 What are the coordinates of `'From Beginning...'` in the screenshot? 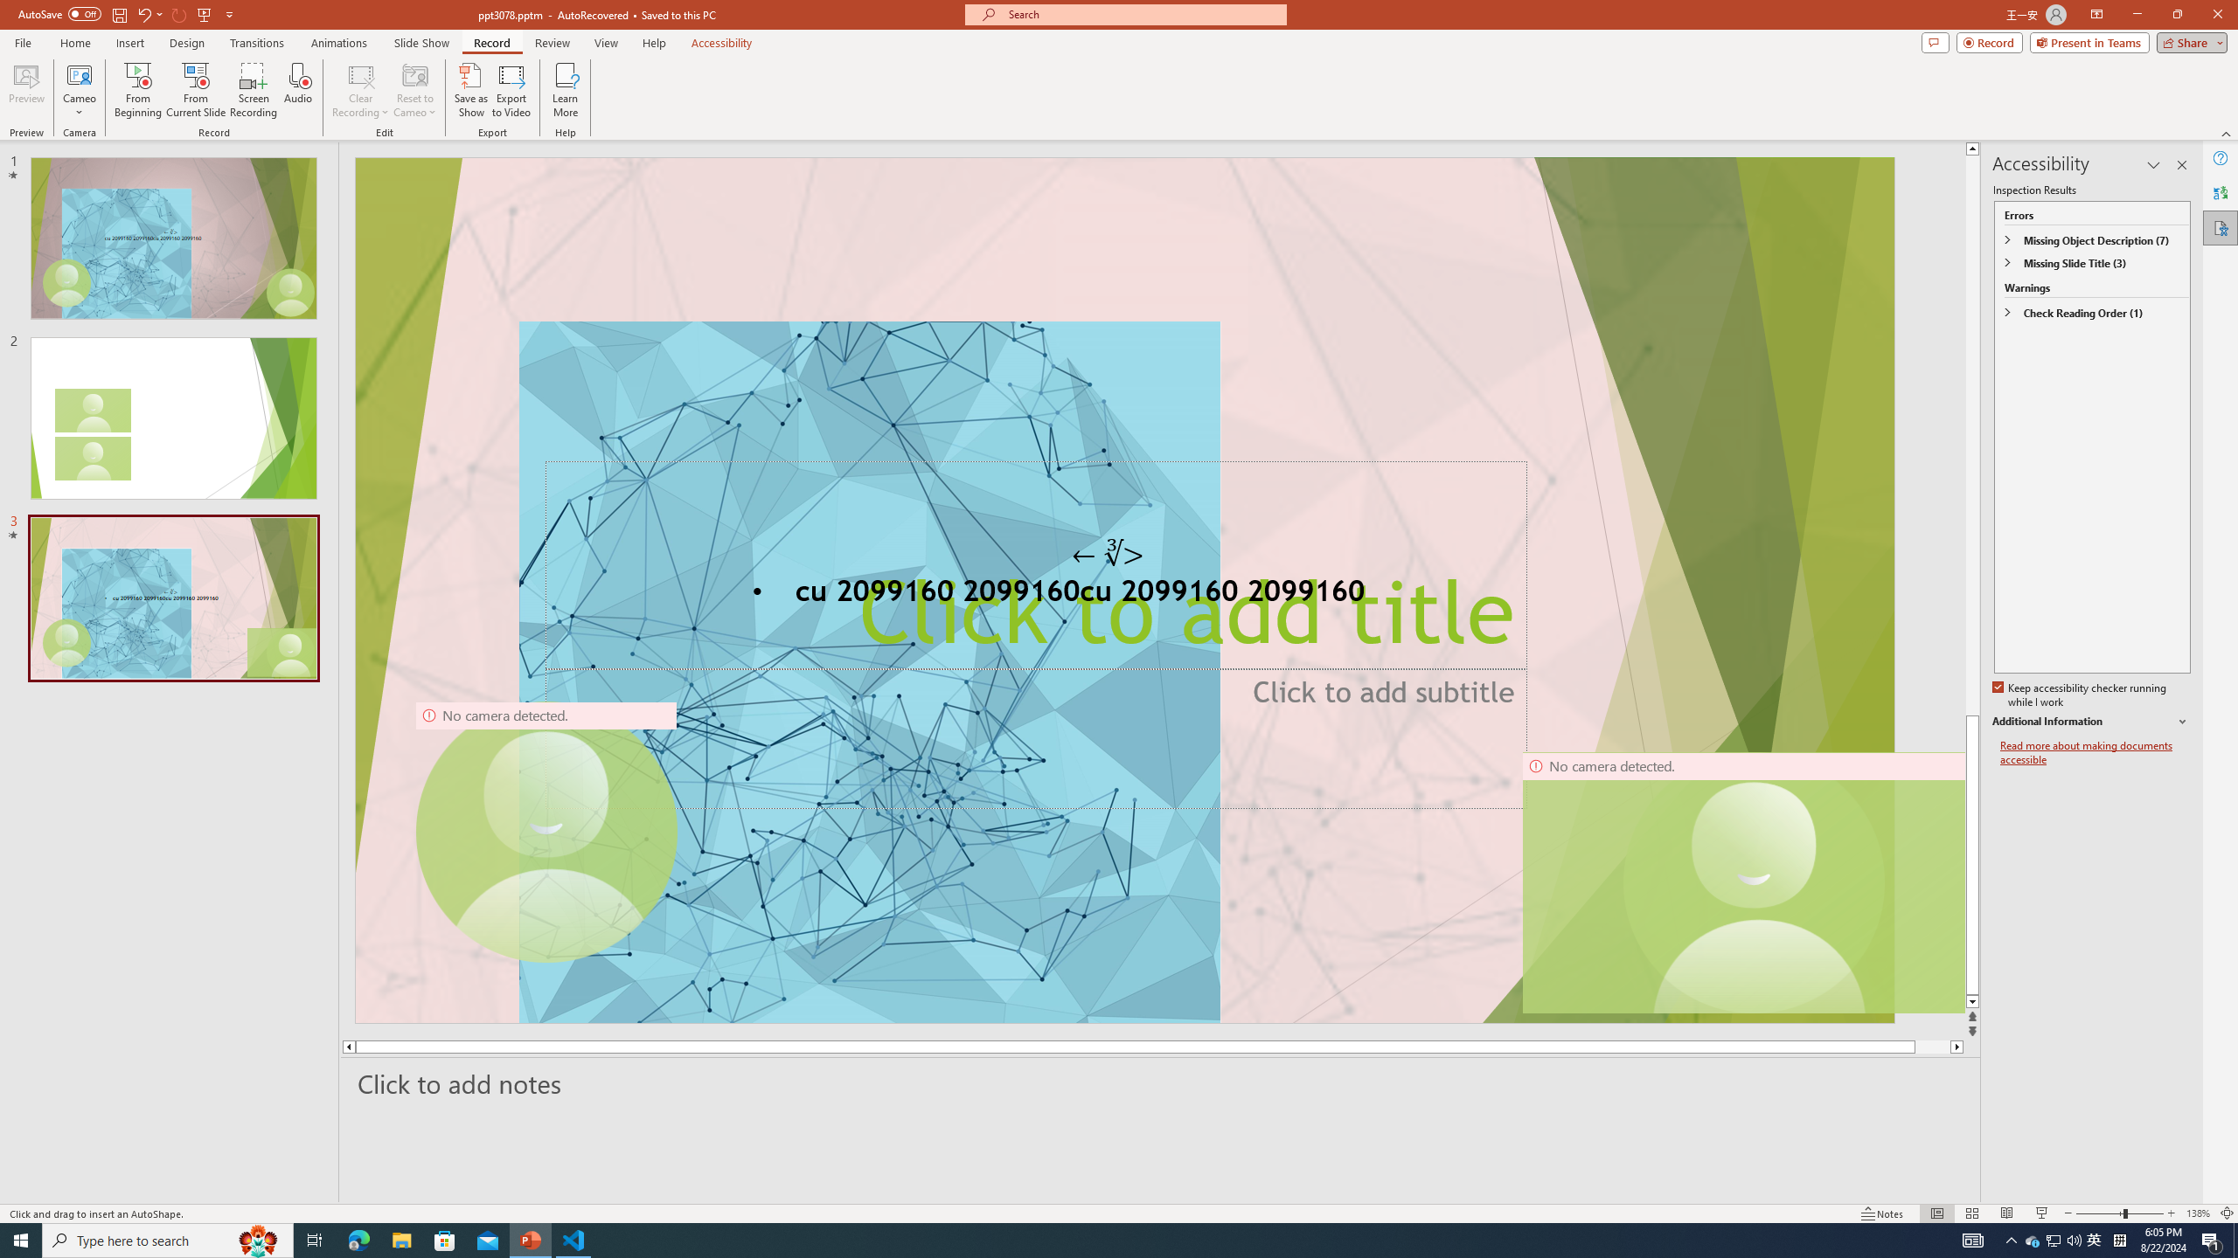 It's located at (136, 90).